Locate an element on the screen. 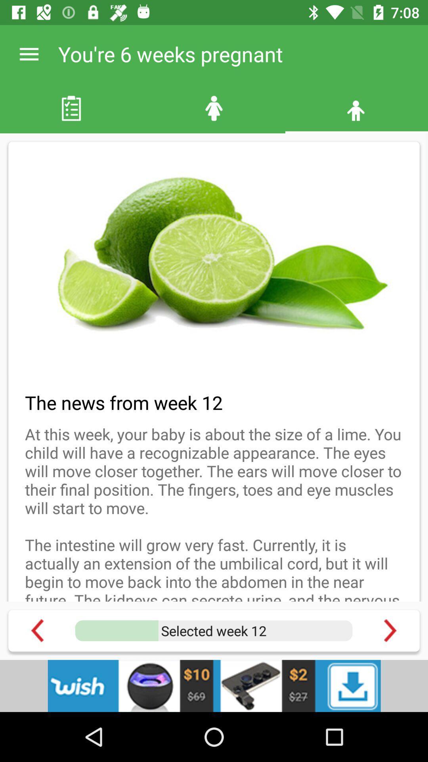  previous page is located at coordinates (37, 630).